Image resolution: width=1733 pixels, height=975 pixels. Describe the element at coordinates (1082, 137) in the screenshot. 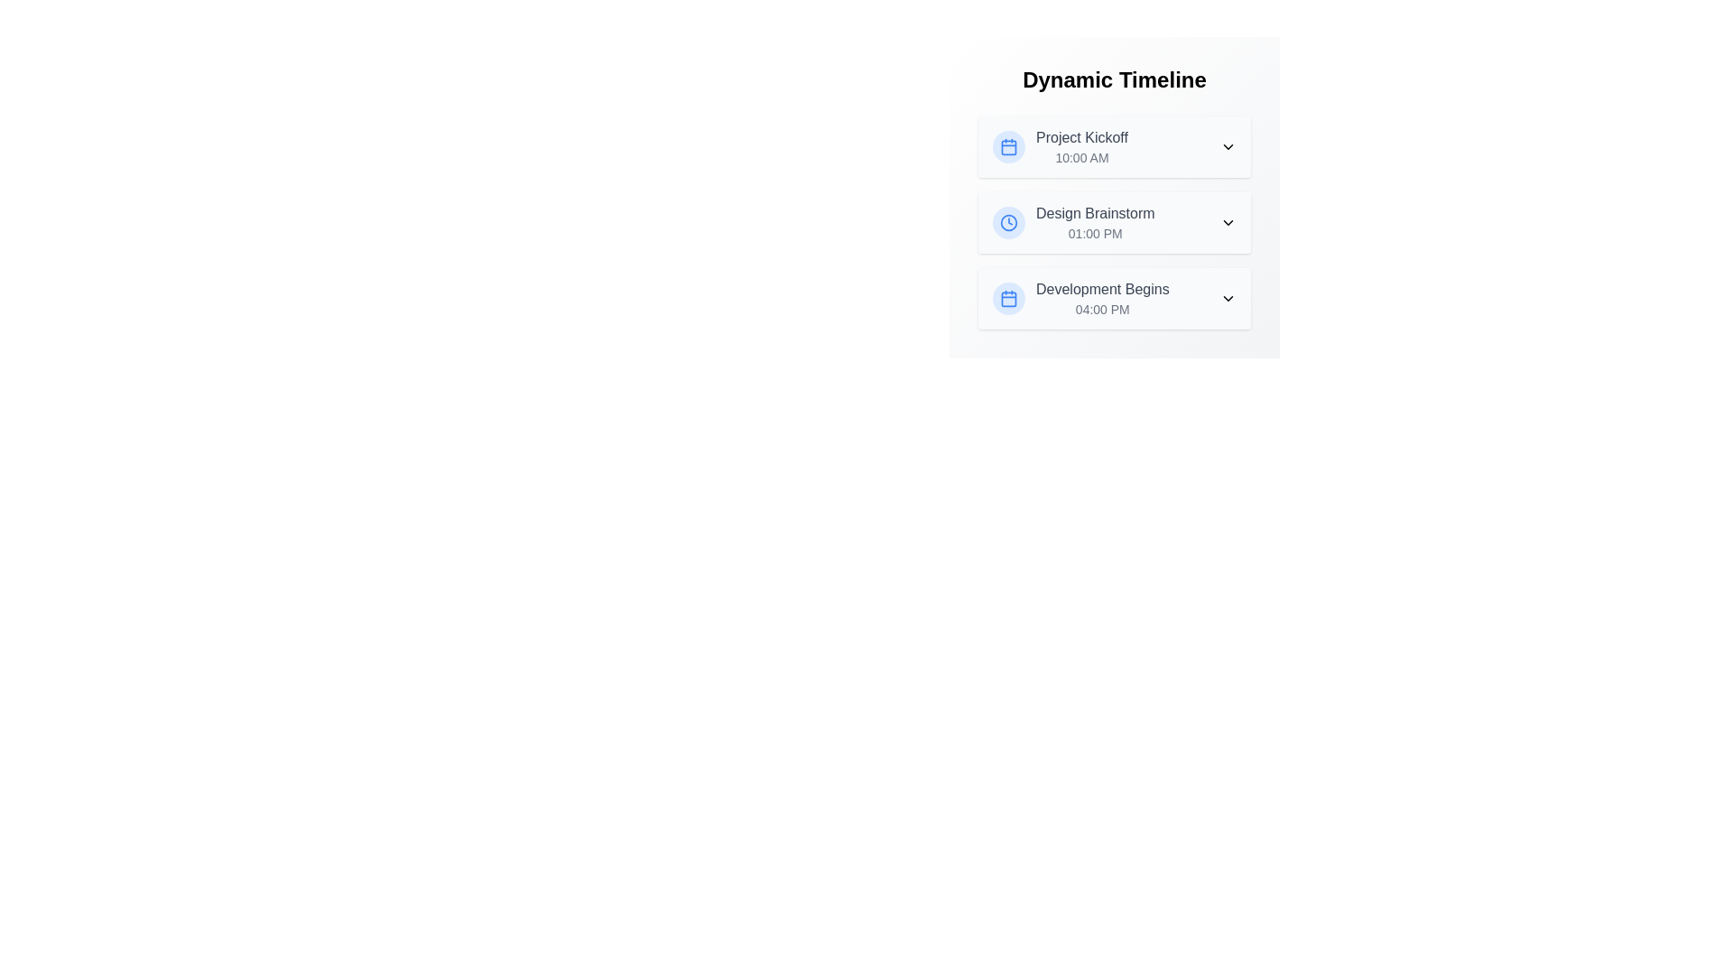

I see `the 'Project Kickoff' label, which is styled with a medium-weight font and gray color, located at the top of the event list under 'Dynamic Timeline'` at that location.